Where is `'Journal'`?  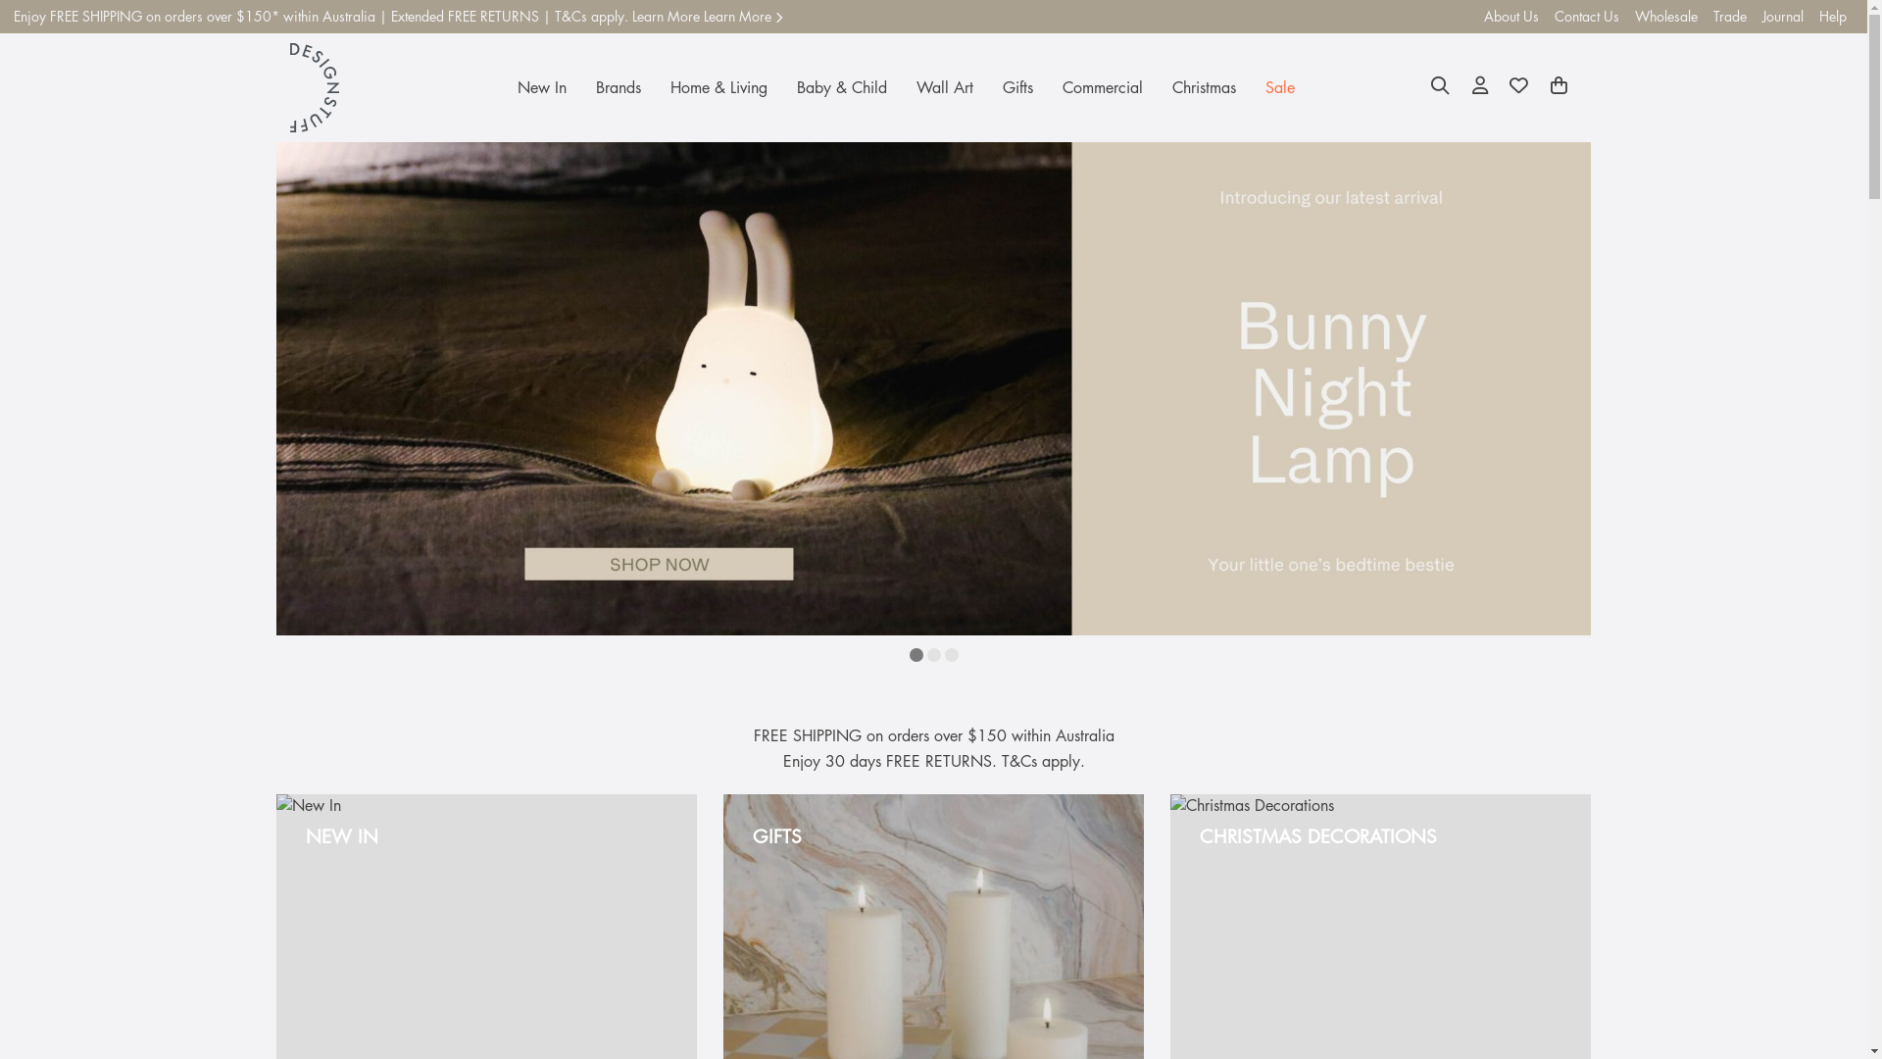 'Journal' is located at coordinates (1783, 16).